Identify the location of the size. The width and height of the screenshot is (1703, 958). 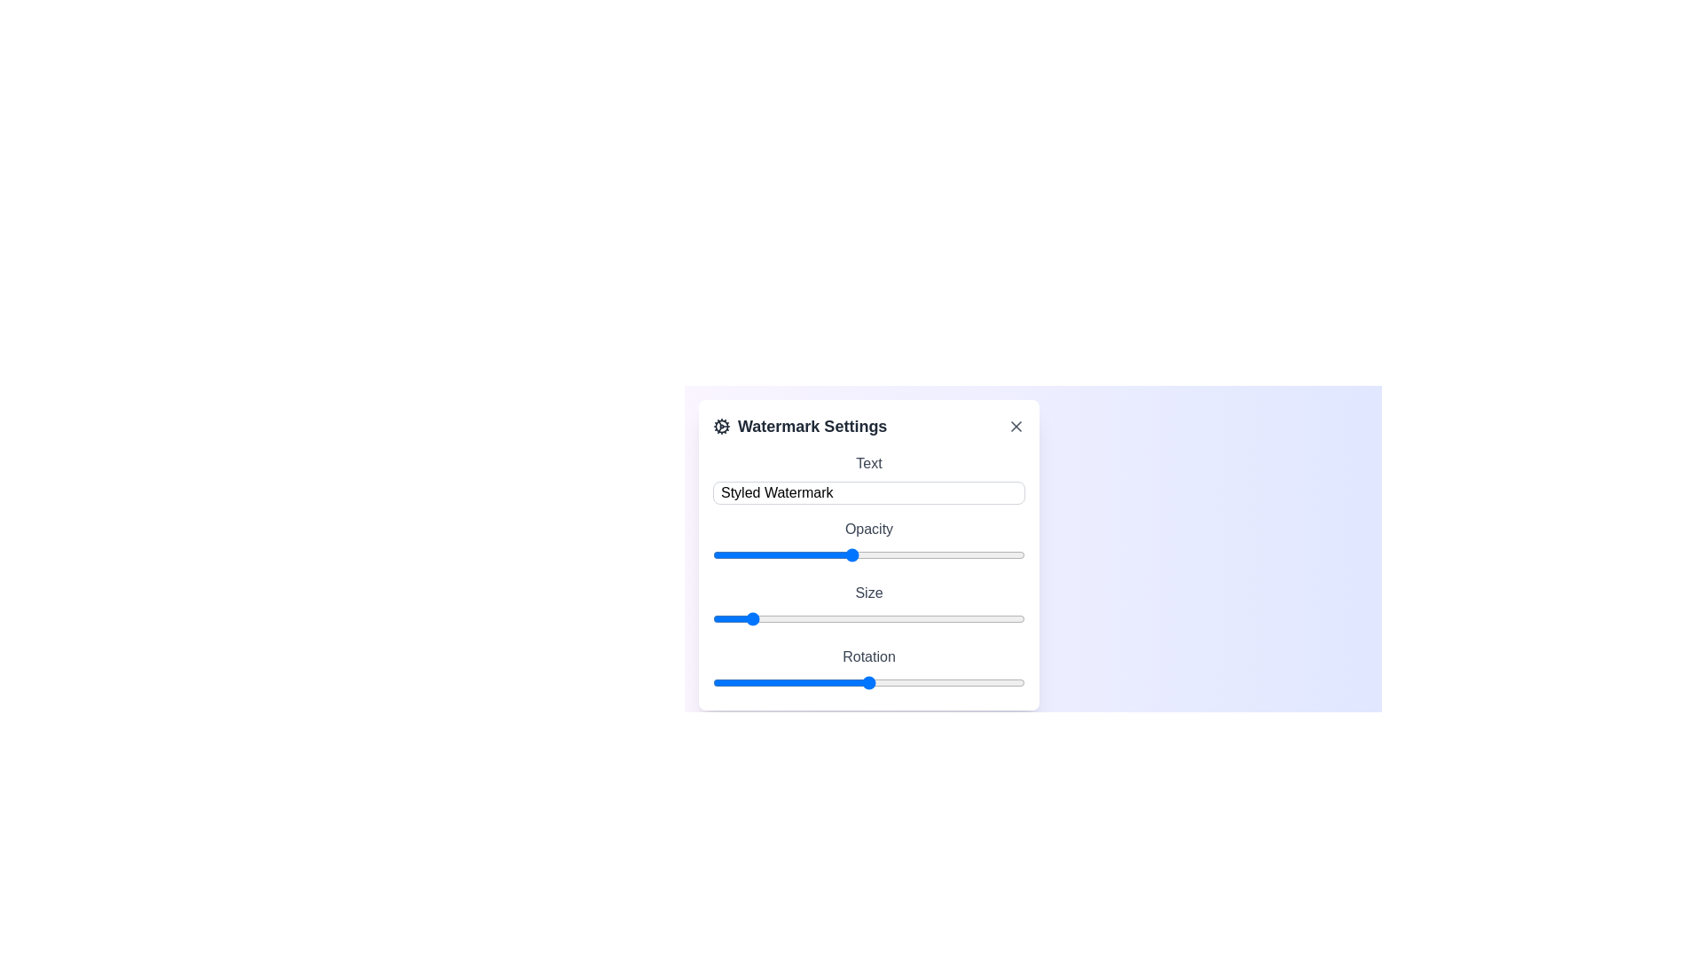
(886, 618).